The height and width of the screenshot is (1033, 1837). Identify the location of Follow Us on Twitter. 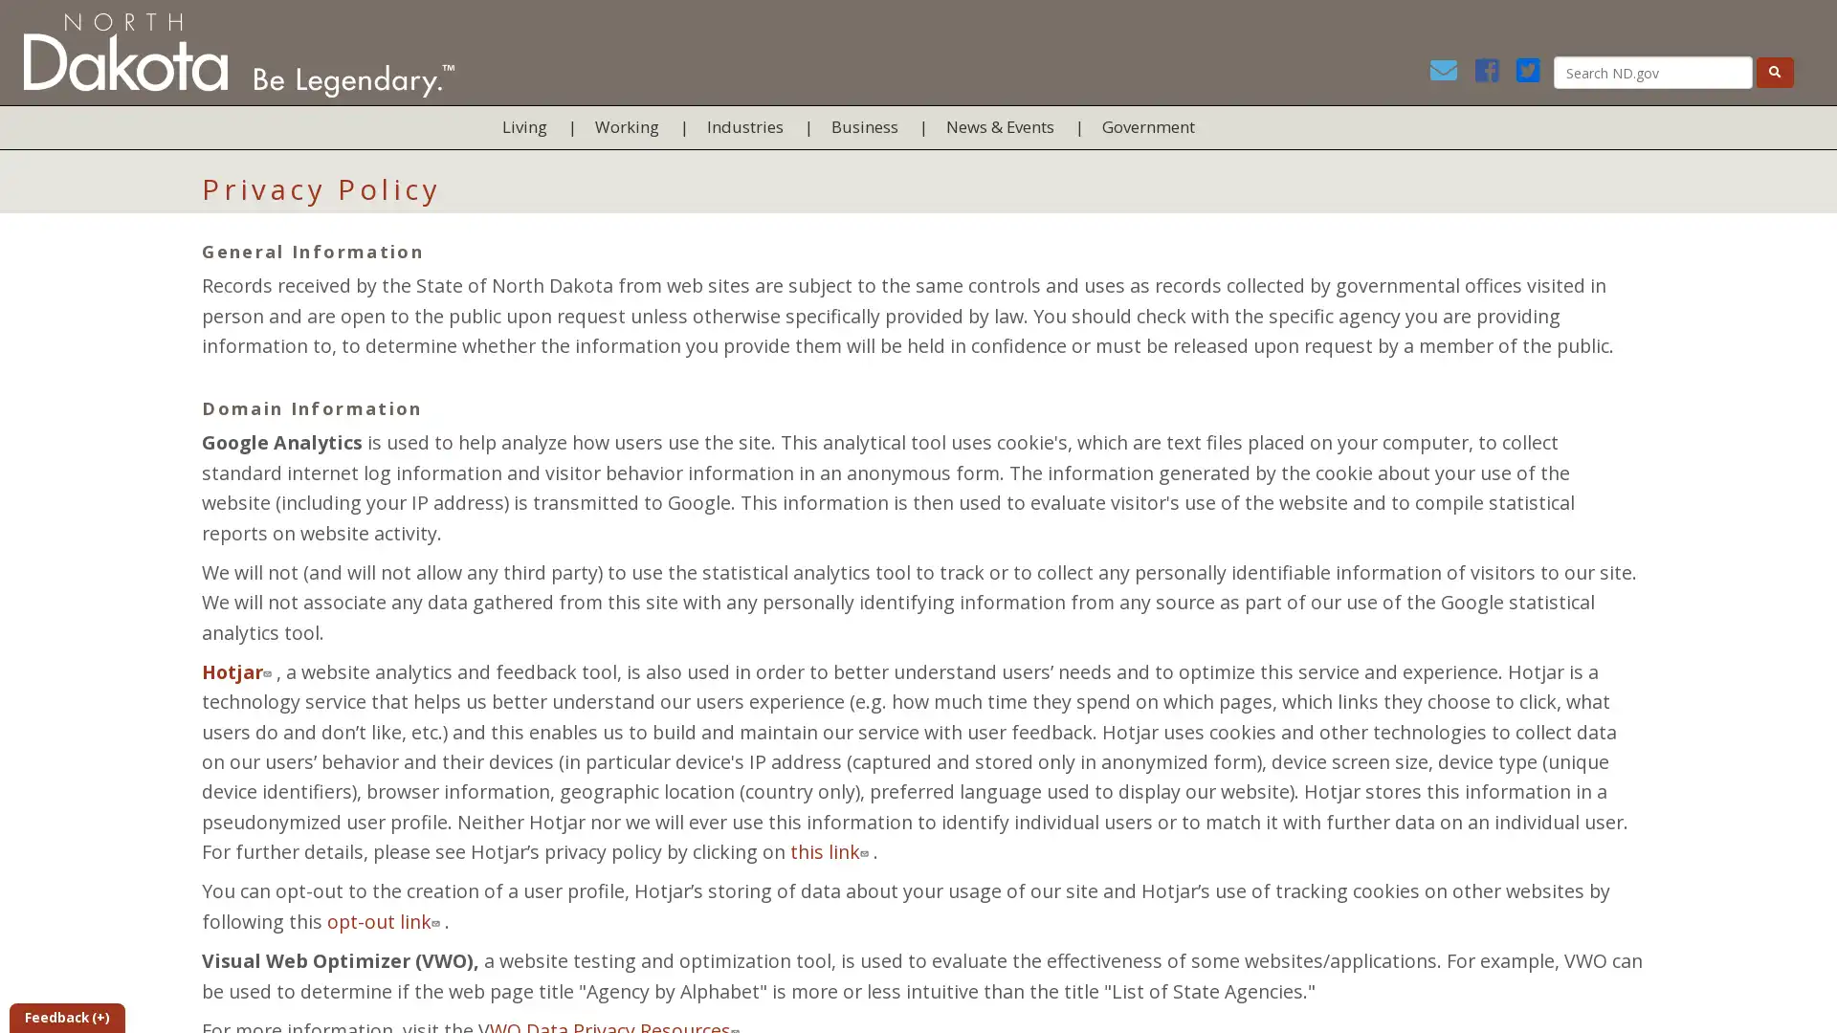
(1532, 74).